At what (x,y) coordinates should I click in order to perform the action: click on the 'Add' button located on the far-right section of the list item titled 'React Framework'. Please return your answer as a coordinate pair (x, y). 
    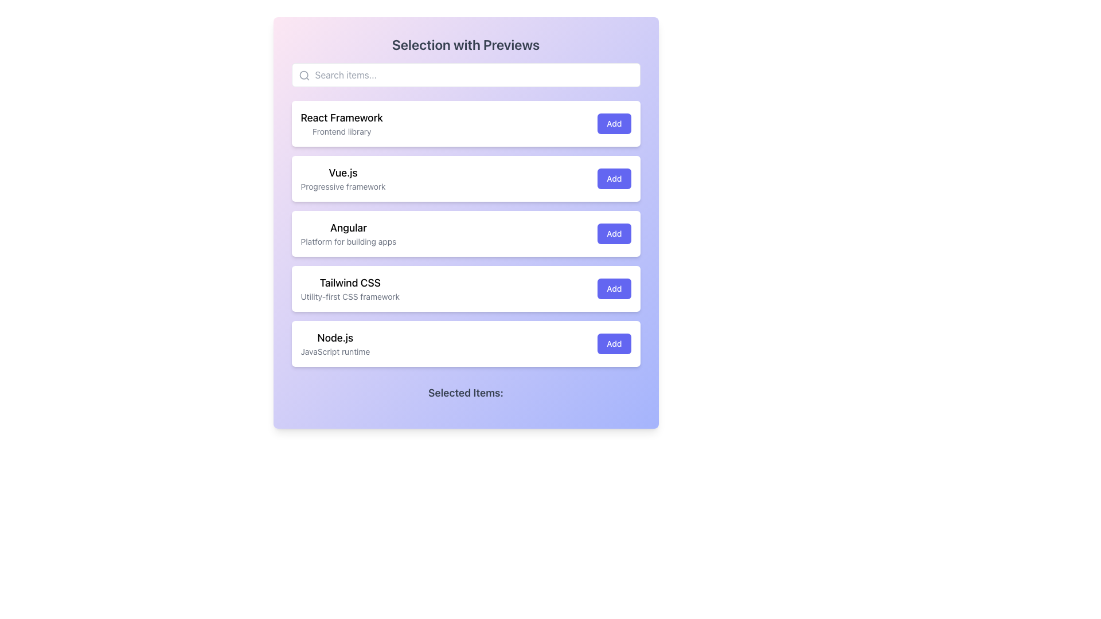
    Looking at the image, I should click on (613, 124).